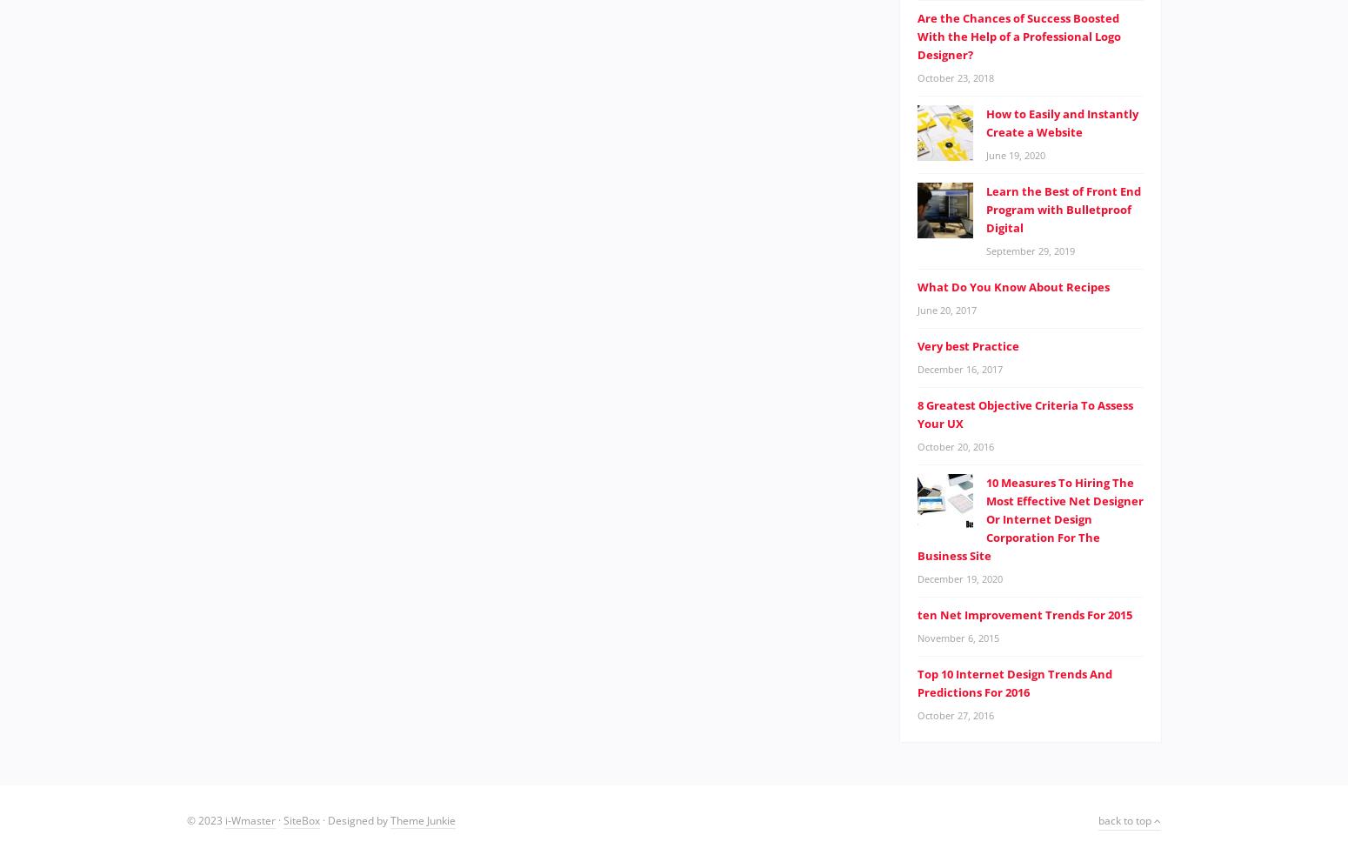  What do you see at coordinates (959, 367) in the screenshot?
I see `'December 16, 2017'` at bounding box center [959, 367].